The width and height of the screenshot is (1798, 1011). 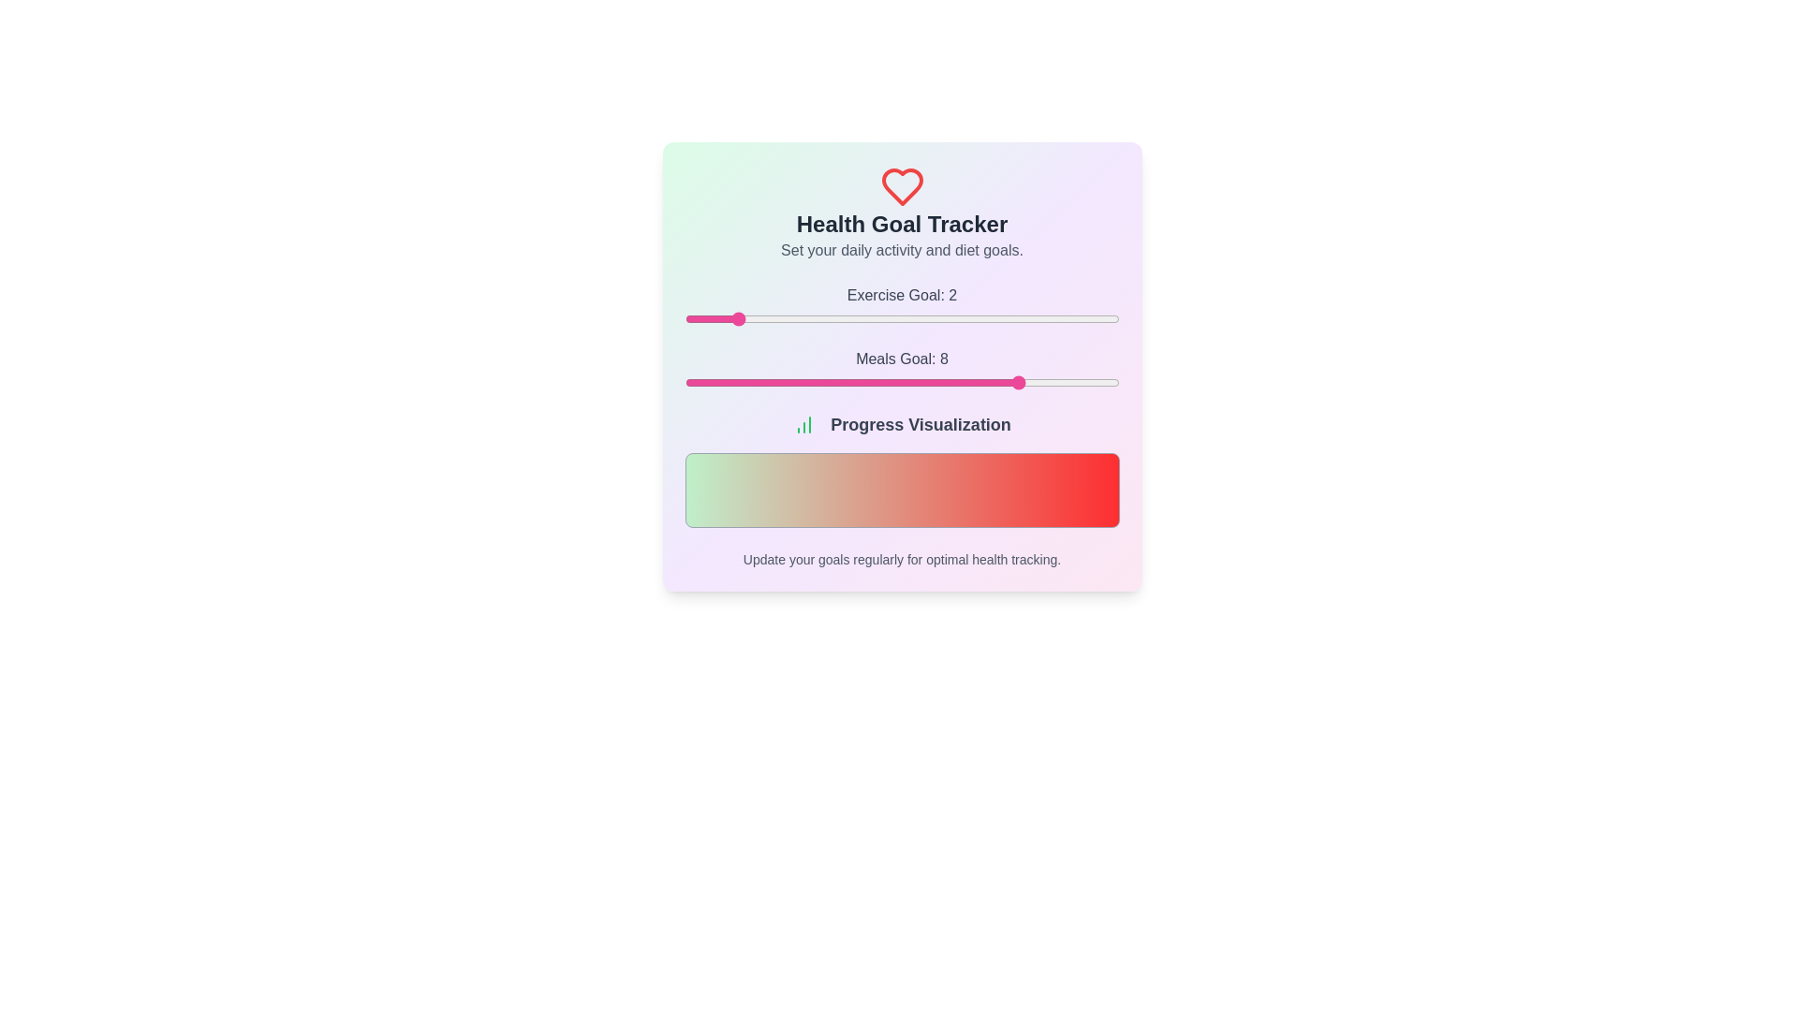 What do you see at coordinates (804, 425) in the screenshot?
I see `the Progress Visualization icon` at bounding box center [804, 425].